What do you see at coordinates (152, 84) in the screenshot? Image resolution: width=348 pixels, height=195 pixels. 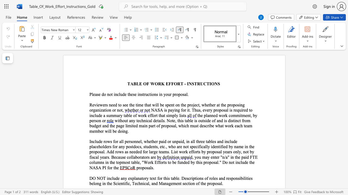 I see `the 1th character "W" in the text` at bounding box center [152, 84].